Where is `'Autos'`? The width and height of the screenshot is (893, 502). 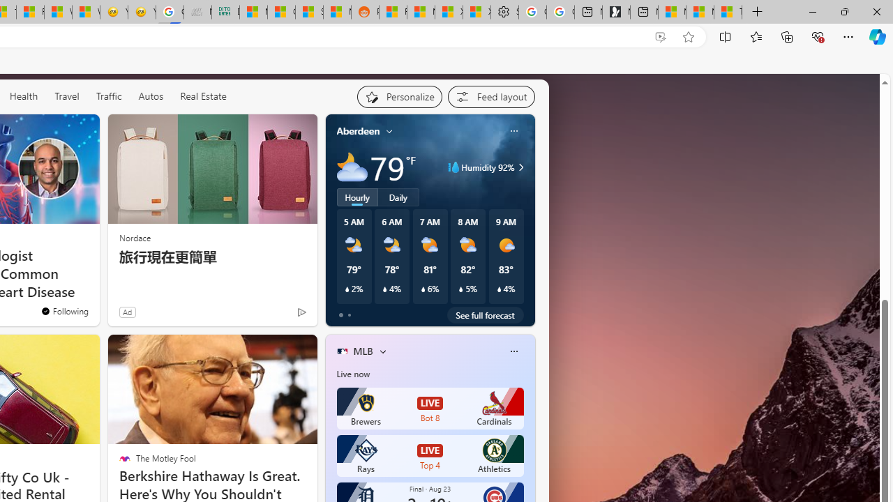 'Autos' is located at coordinates (151, 96).